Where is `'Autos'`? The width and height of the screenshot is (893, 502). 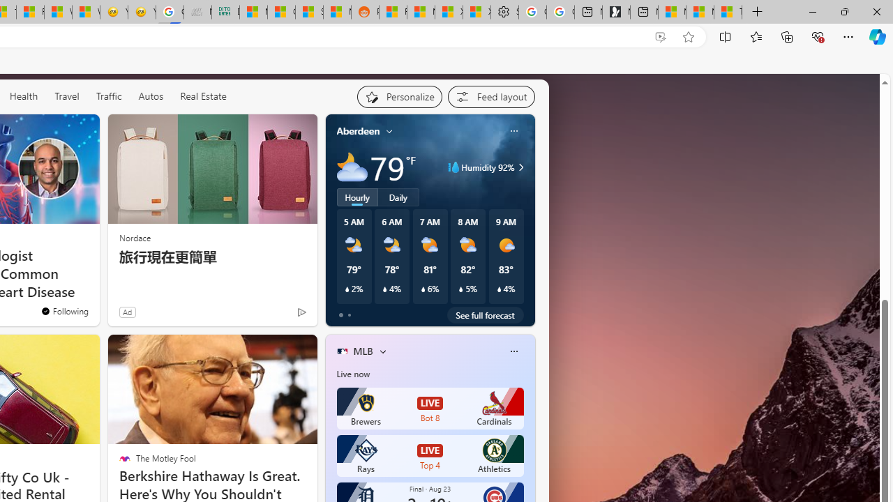 'Autos' is located at coordinates (151, 96).